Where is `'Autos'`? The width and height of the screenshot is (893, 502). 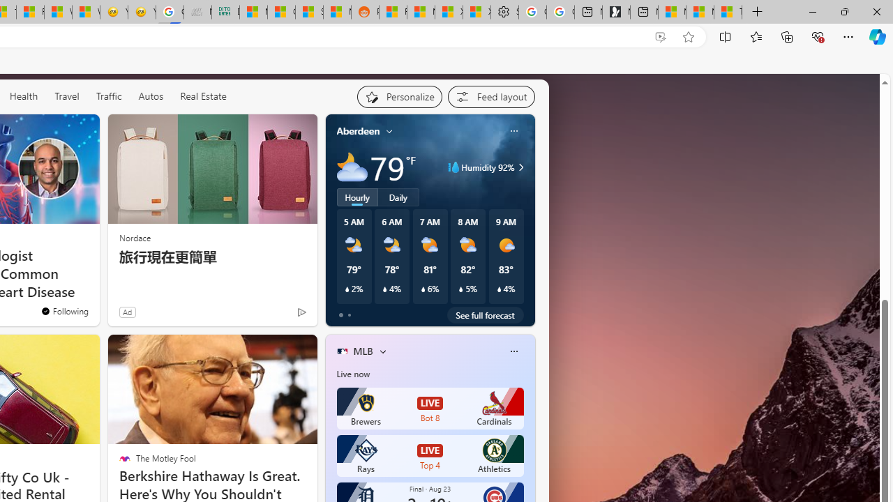 'Autos' is located at coordinates (151, 96).